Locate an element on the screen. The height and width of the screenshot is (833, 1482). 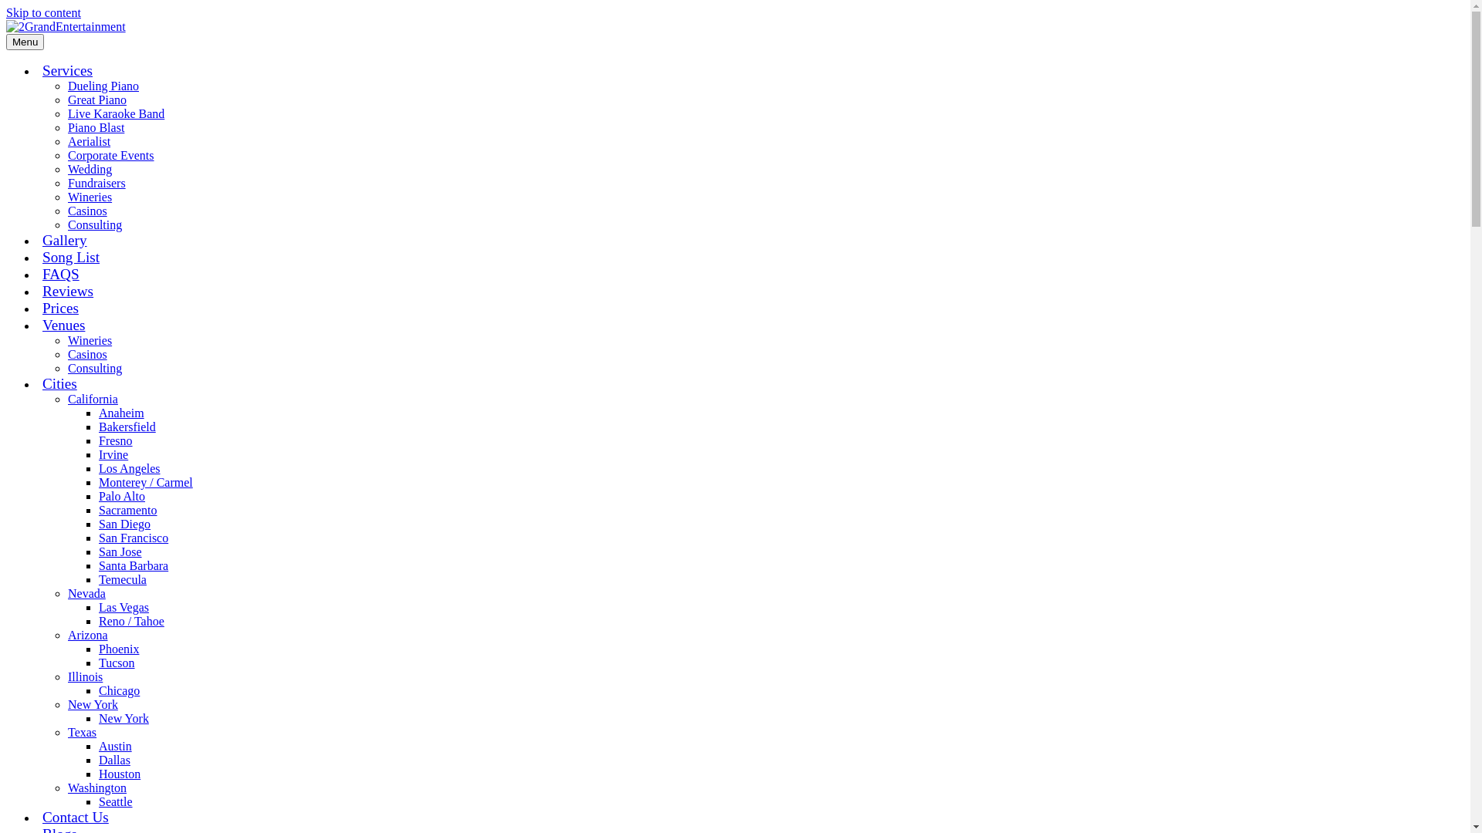
'Phoenix' is located at coordinates (117, 649).